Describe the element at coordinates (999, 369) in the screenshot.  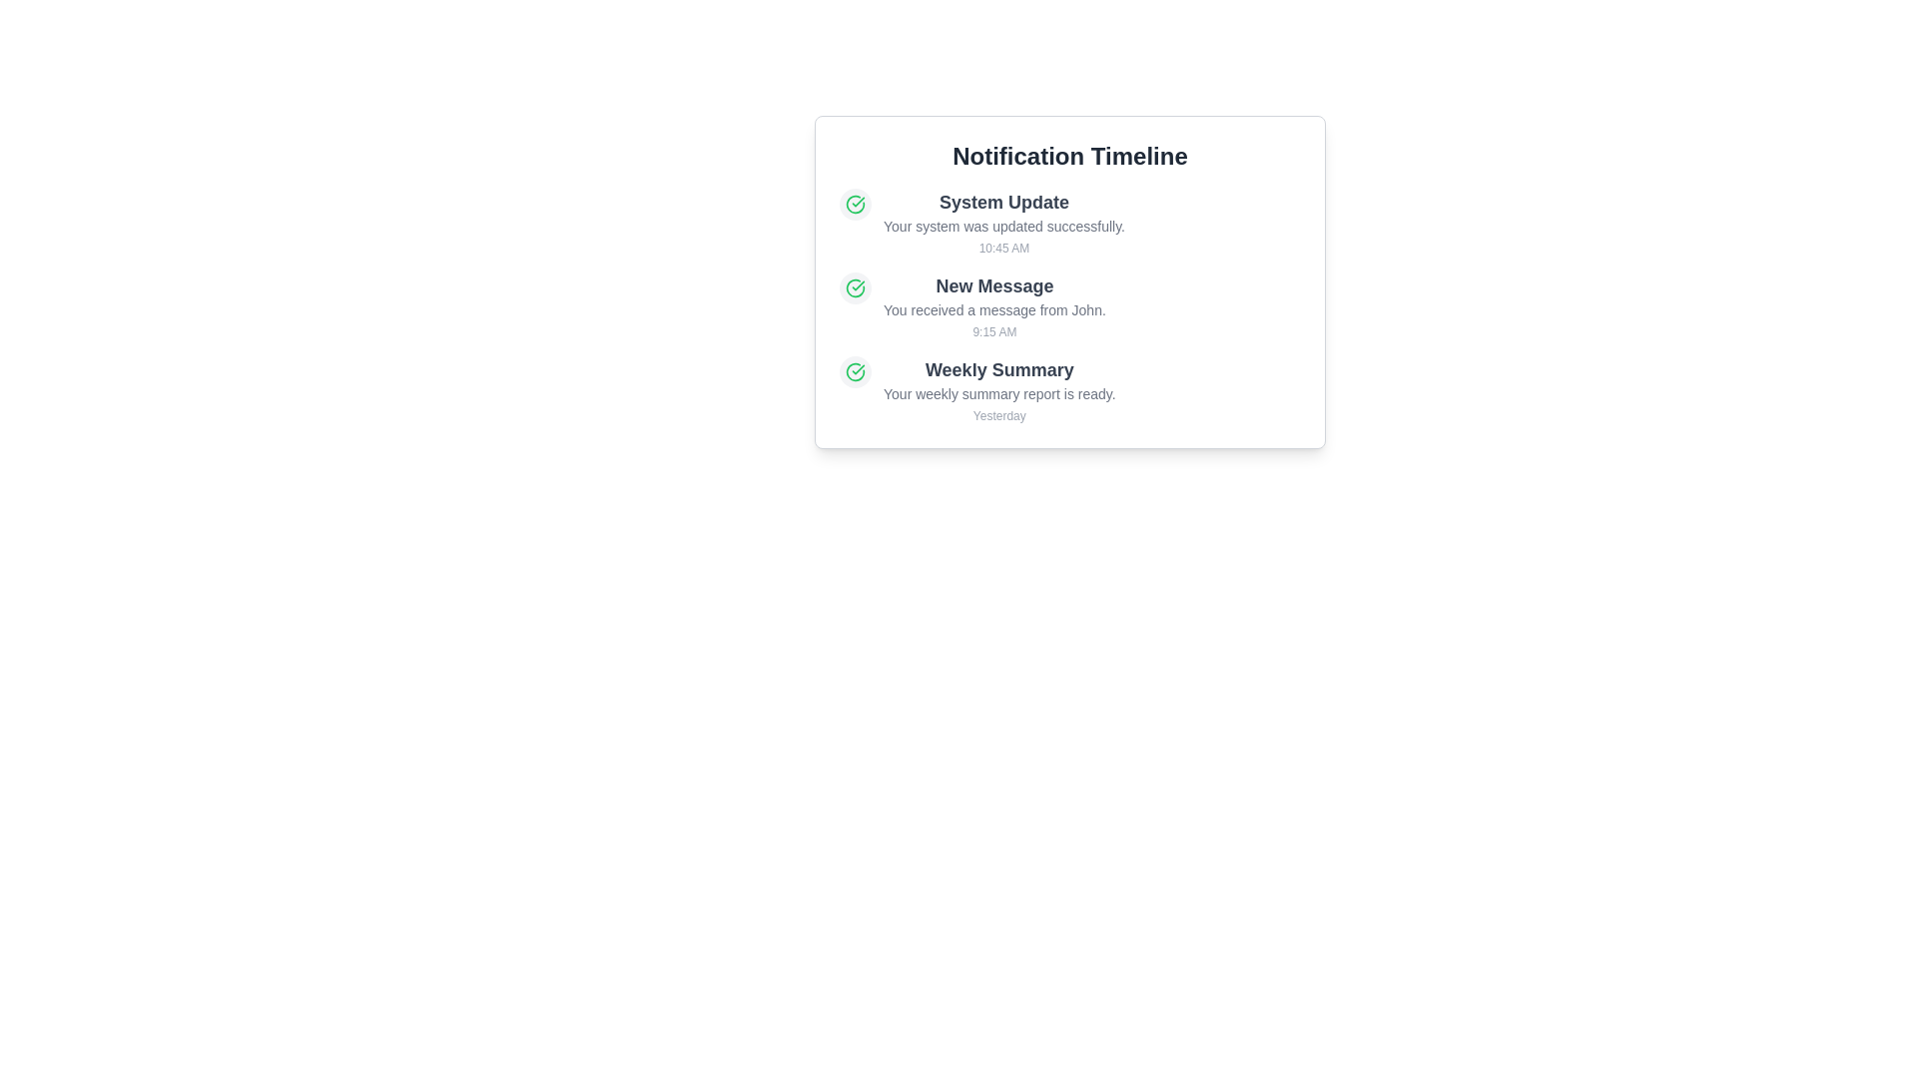
I see `the bold text label 'Weekly Summary' located in the third notification block of the 'Notification Timeline' panel` at that location.